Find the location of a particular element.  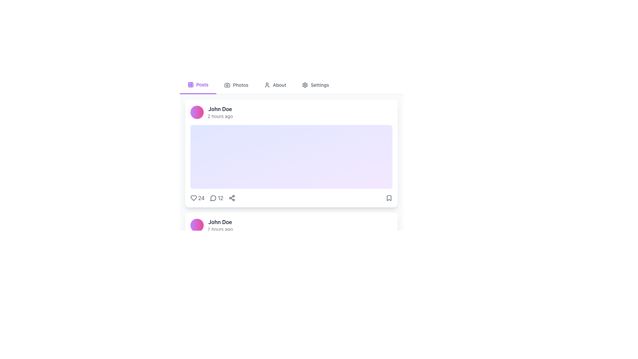

the icon button representing the sharing feature, which is styled in dark gray and located below a post's content area is located at coordinates (232, 198).